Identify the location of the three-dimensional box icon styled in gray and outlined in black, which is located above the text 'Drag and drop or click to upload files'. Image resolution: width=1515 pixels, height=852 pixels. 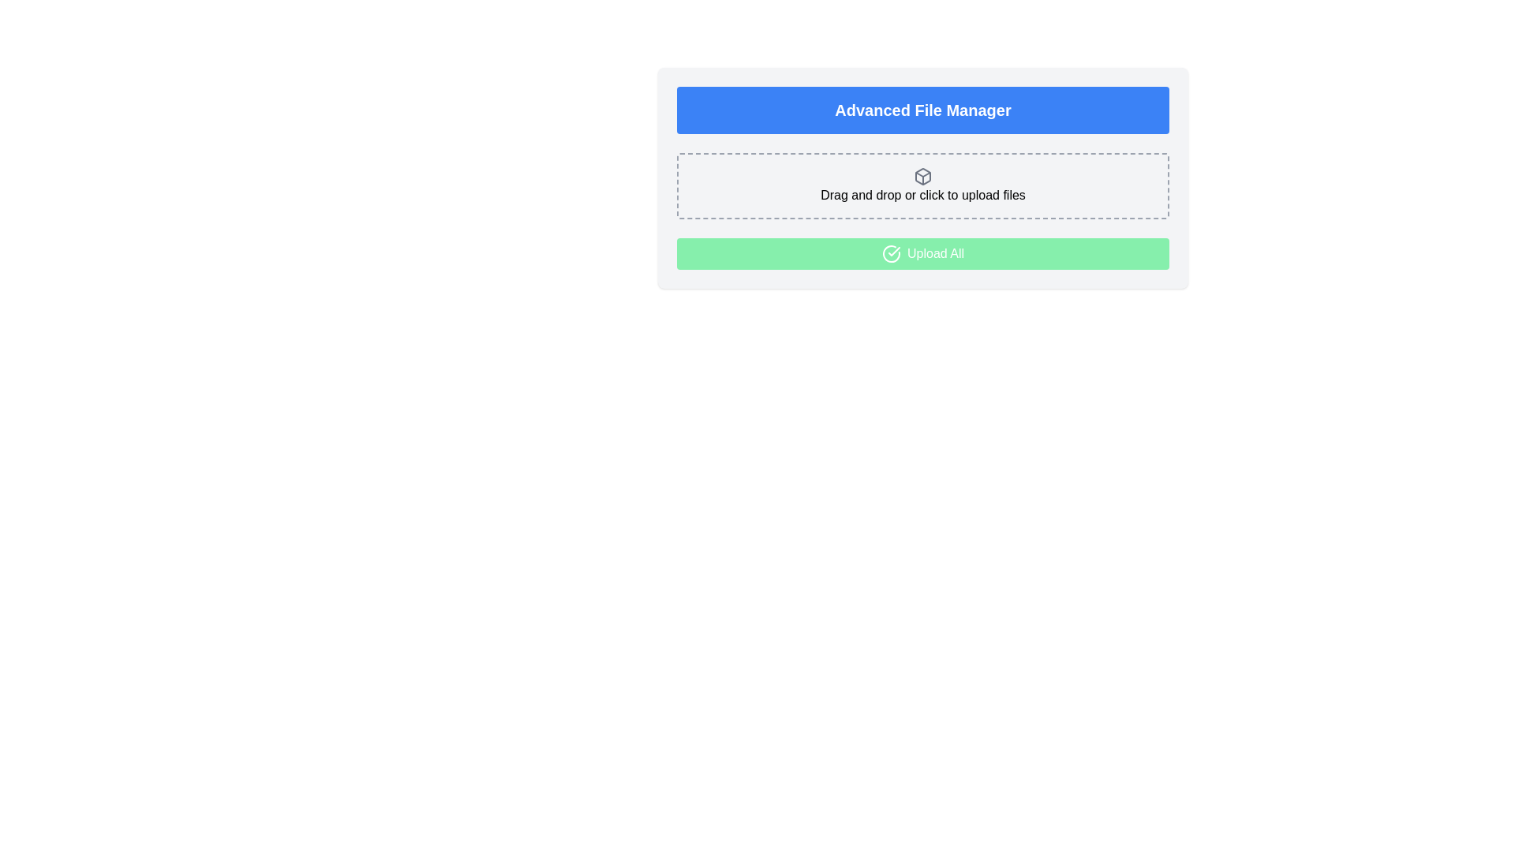
(923, 176).